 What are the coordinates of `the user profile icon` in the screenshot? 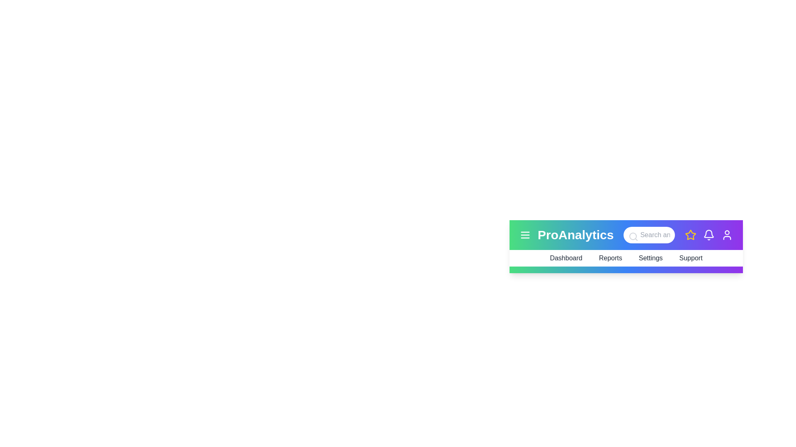 It's located at (726, 235).